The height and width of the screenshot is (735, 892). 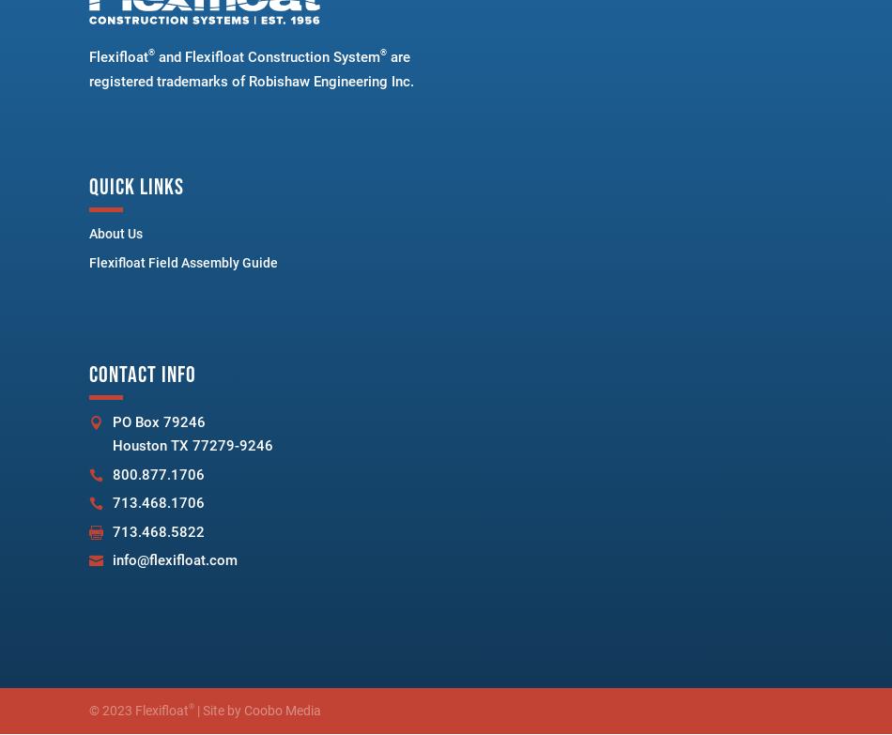 What do you see at coordinates (112, 420) in the screenshot?
I see `'PO Box 79246'` at bounding box center [112, 420].